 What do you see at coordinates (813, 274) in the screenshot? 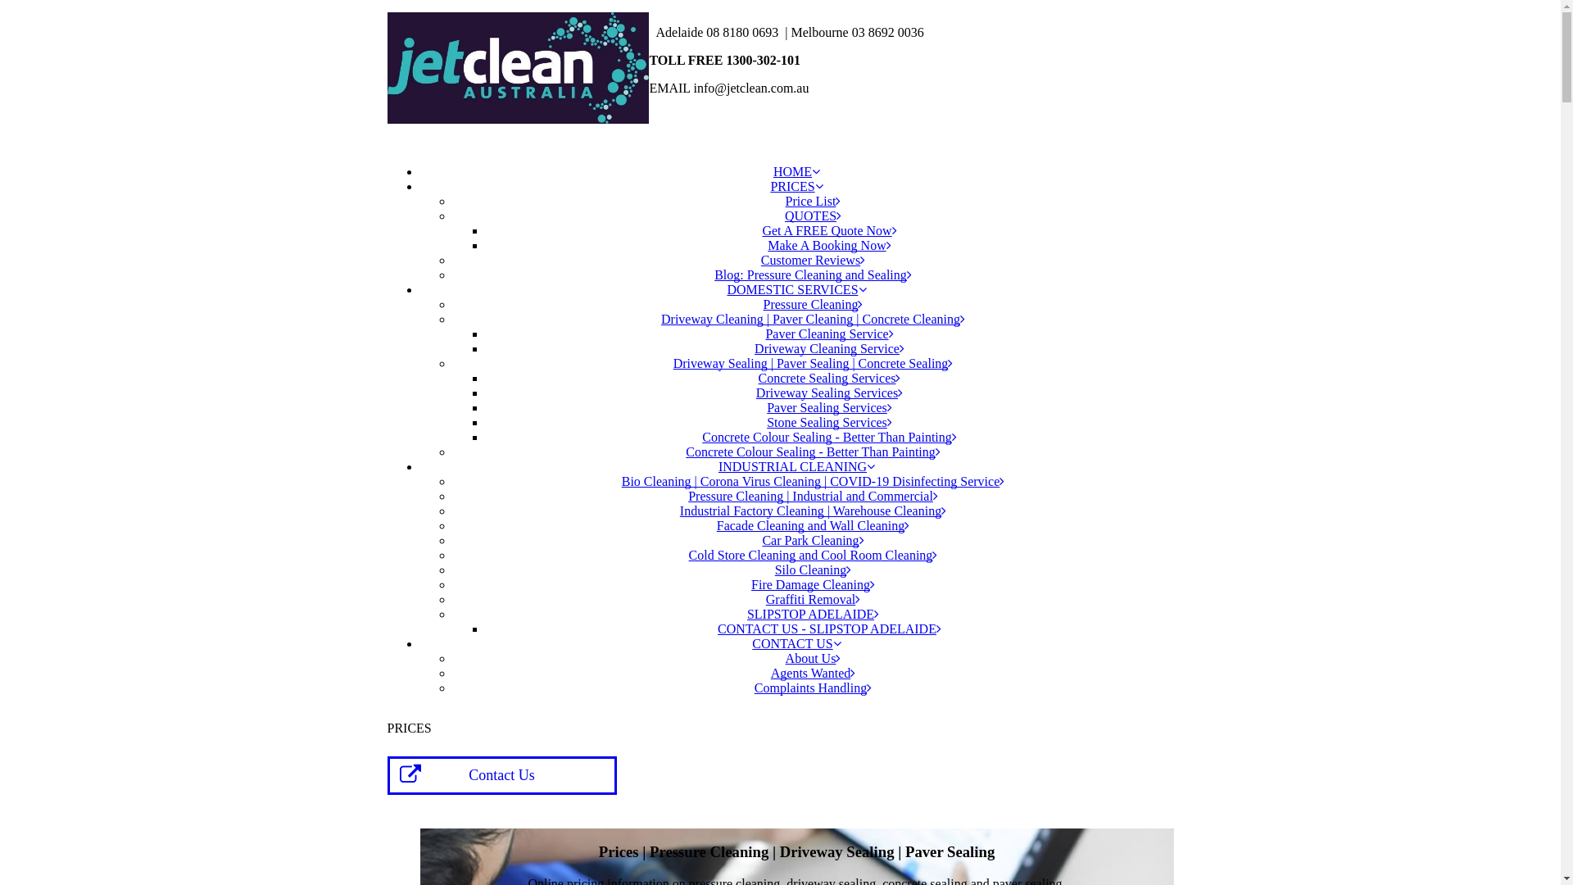
I see `'Blog: Pressure Cleaning and Sealing'` at bounding box center [813, 274].